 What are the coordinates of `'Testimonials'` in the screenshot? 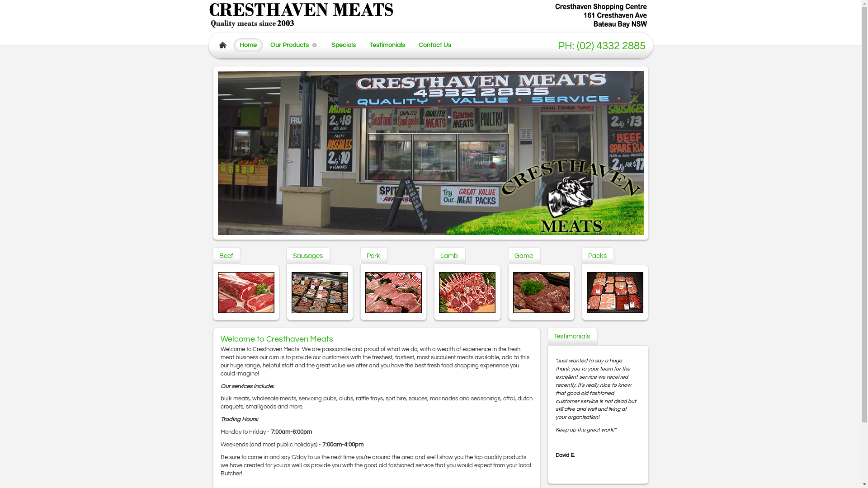 It's located at (387, 45).